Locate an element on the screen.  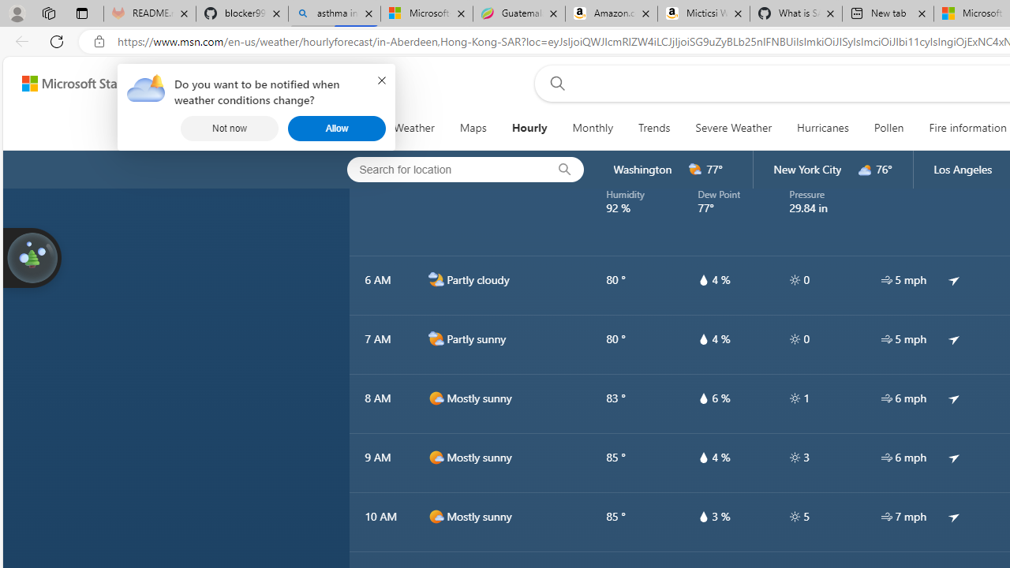
'Search for location' is located at coordinates (442, 169).